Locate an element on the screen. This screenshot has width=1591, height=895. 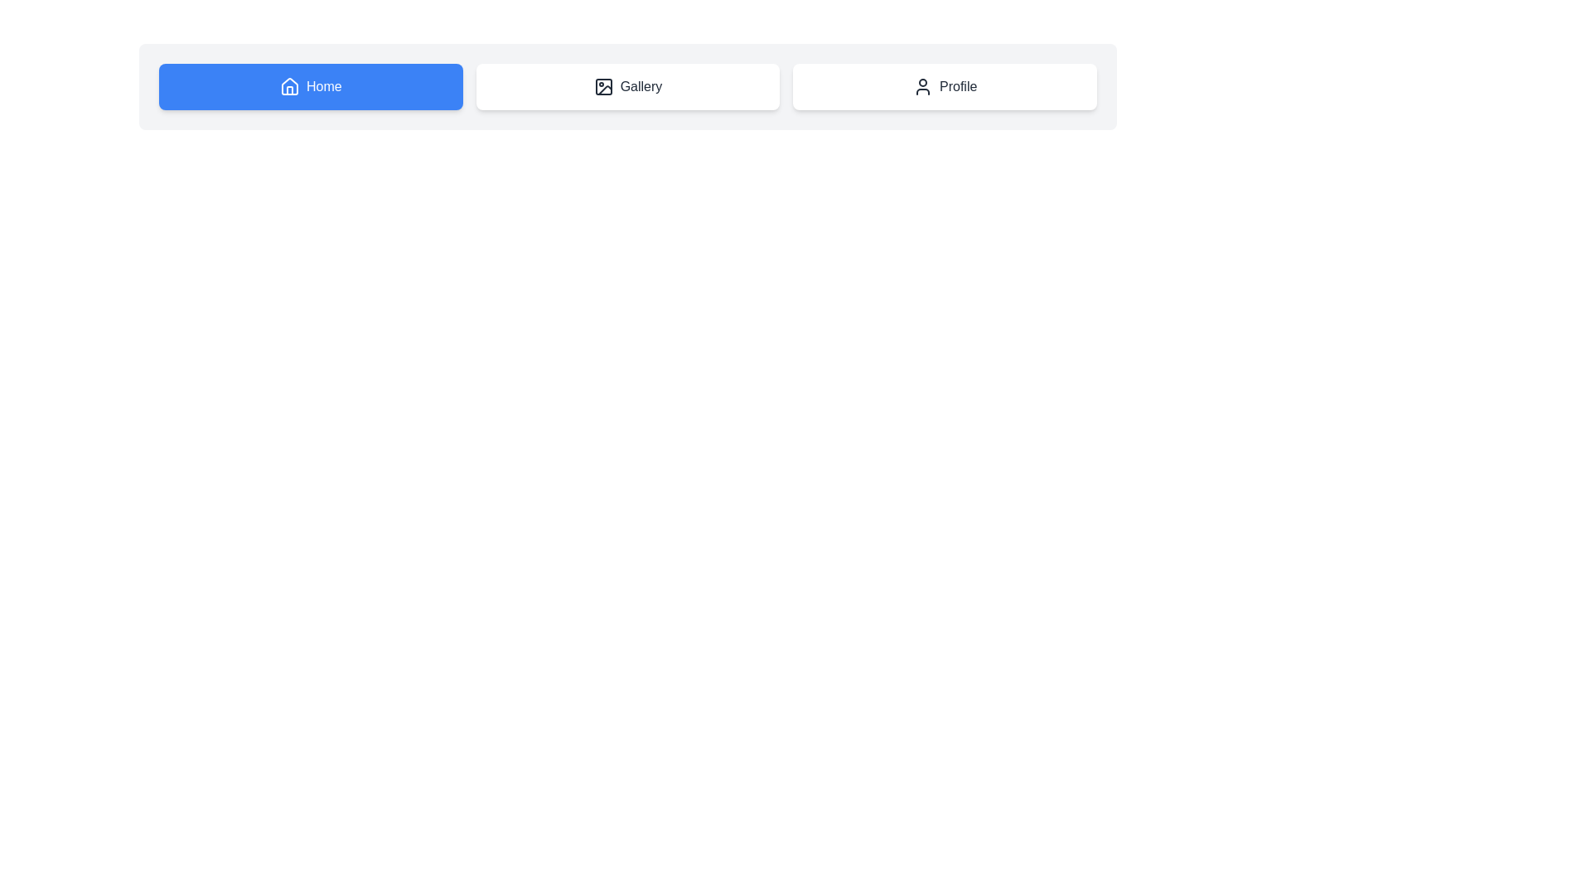
the Profile button to observe its hover effect is located at coordinates (945, 86).